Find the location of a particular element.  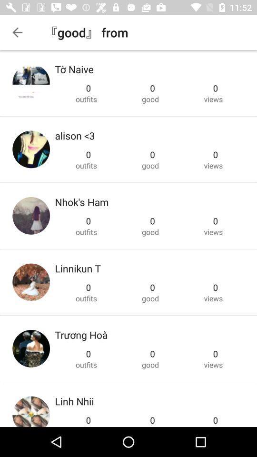

item above the   0 item is located at coordinates (74, 400).